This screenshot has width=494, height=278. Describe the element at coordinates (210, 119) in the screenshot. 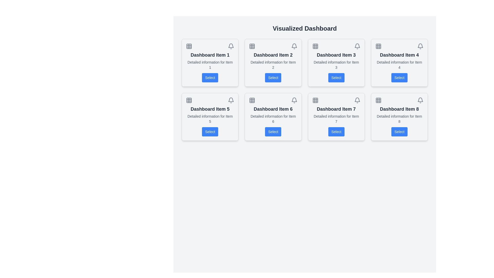

I see `the text component displaying 'Detailed information for Item 5', which is styled in gray and located beneath the heading 'Dashboard Item 5'` at that location.